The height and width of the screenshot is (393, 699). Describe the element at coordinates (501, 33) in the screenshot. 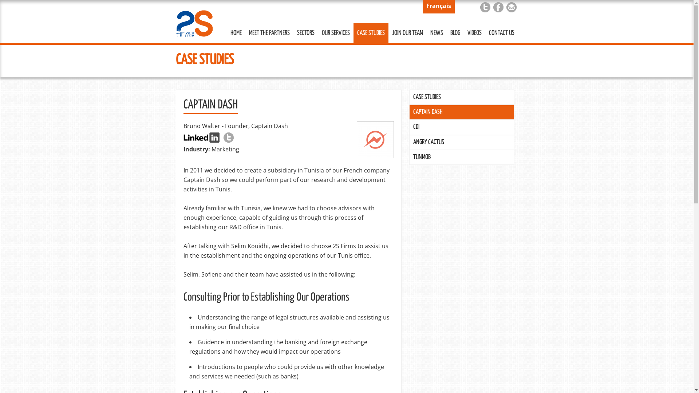

I see `'CONTACT US'` at that location.